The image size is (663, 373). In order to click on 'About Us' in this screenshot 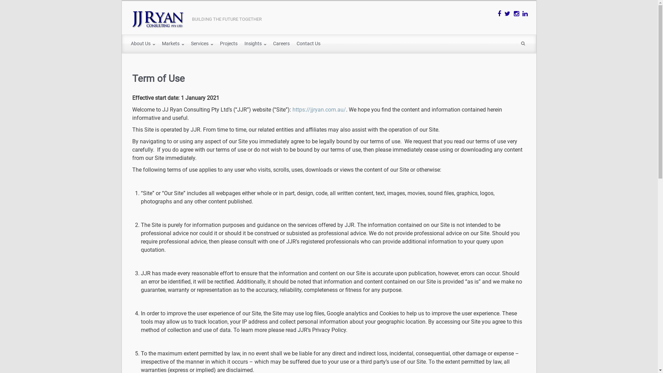, I will do `click(127, 44)`.